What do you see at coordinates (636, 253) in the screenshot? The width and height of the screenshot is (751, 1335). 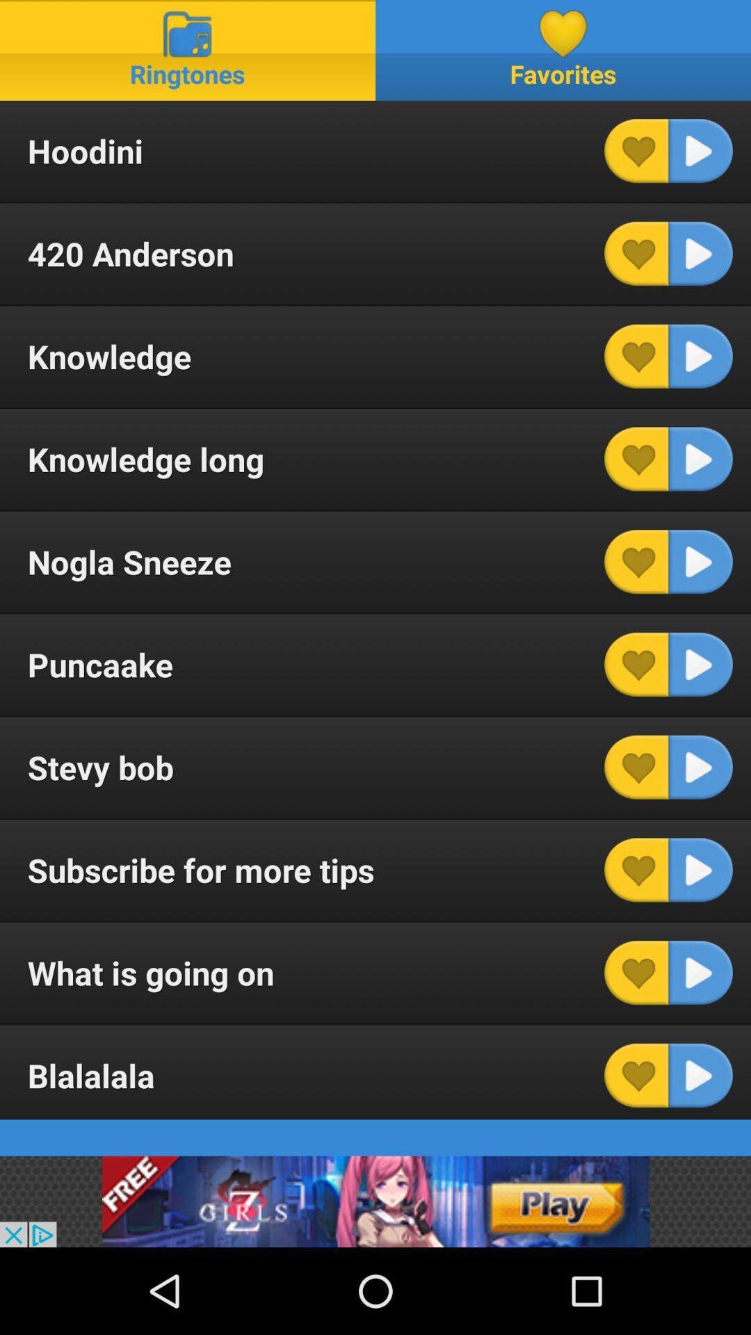 I see `mark as favorite` at bounding box center [636, 253].